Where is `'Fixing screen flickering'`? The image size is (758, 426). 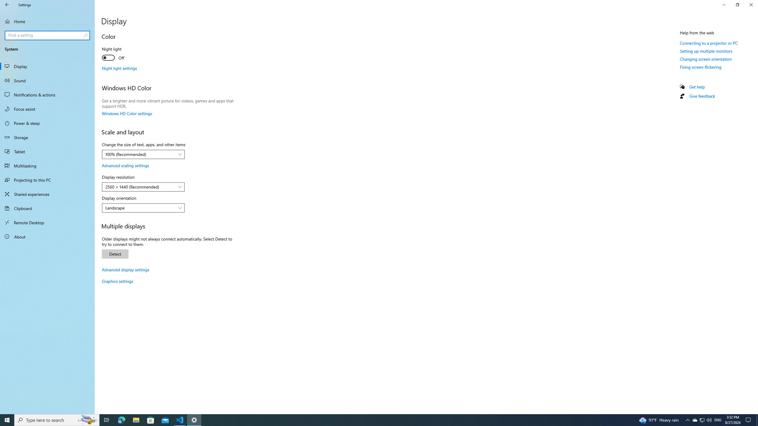
'Fixing screen flickering' is located at coordinates (700, 67).